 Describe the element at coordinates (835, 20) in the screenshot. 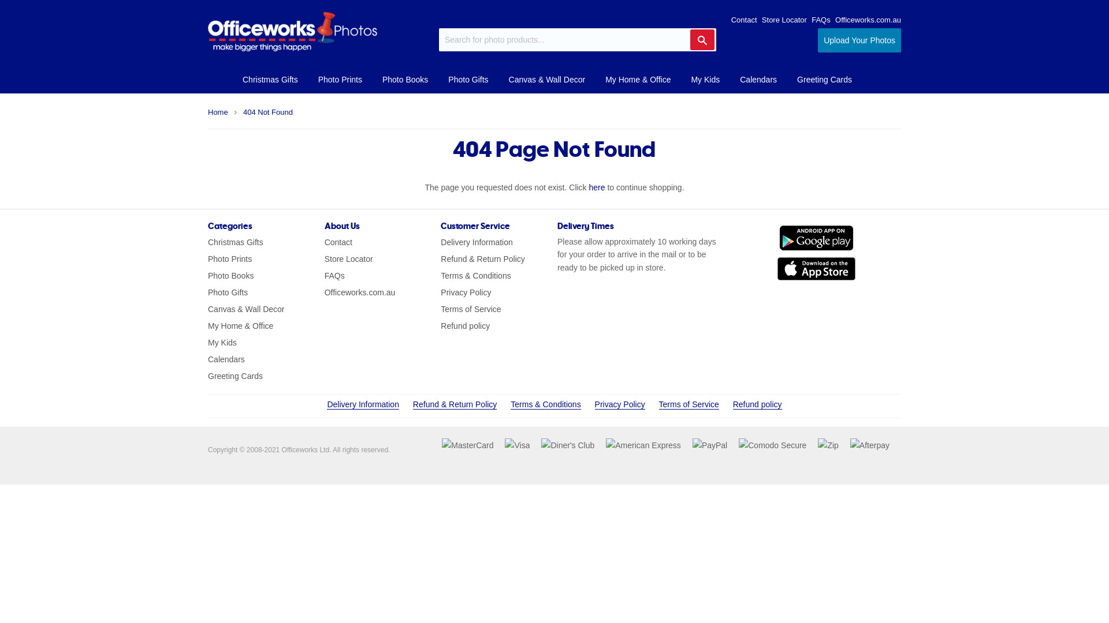

I see `'Officeworks.com.au'` at that location.